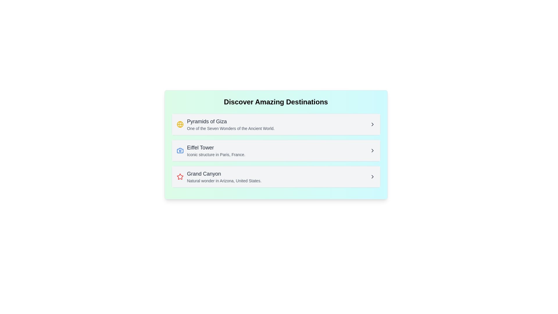 The height and width of the screenshot is (314, 558). What do you see at coordinates (224, 176) in the screenshot?
I see `displayed text 'Grand Canyon' and its description 'Natural wonder in Arizona, United States.' from the Text Display element located in the third row of a vertical list` at bounding box center [224, 176].